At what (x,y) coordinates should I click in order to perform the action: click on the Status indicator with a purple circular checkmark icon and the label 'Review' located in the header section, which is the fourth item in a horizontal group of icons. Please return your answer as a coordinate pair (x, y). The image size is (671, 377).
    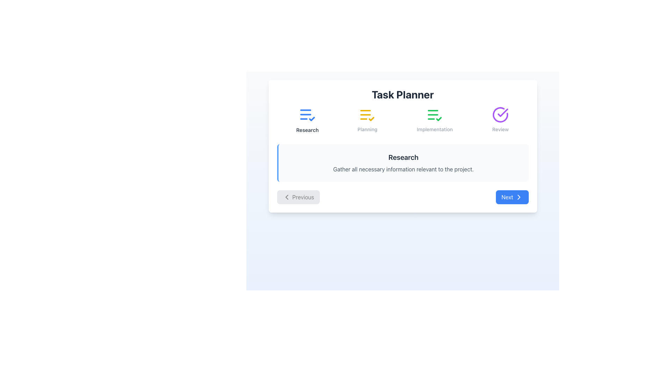
    Looking at the image, I should click on (500, 119).